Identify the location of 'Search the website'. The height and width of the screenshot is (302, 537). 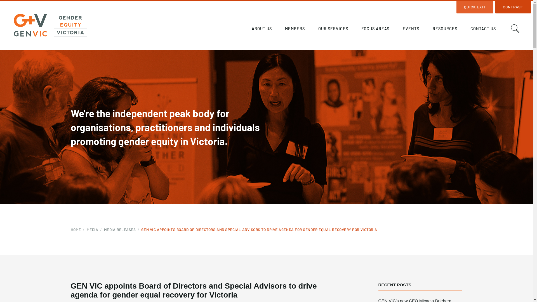
(515, 28).